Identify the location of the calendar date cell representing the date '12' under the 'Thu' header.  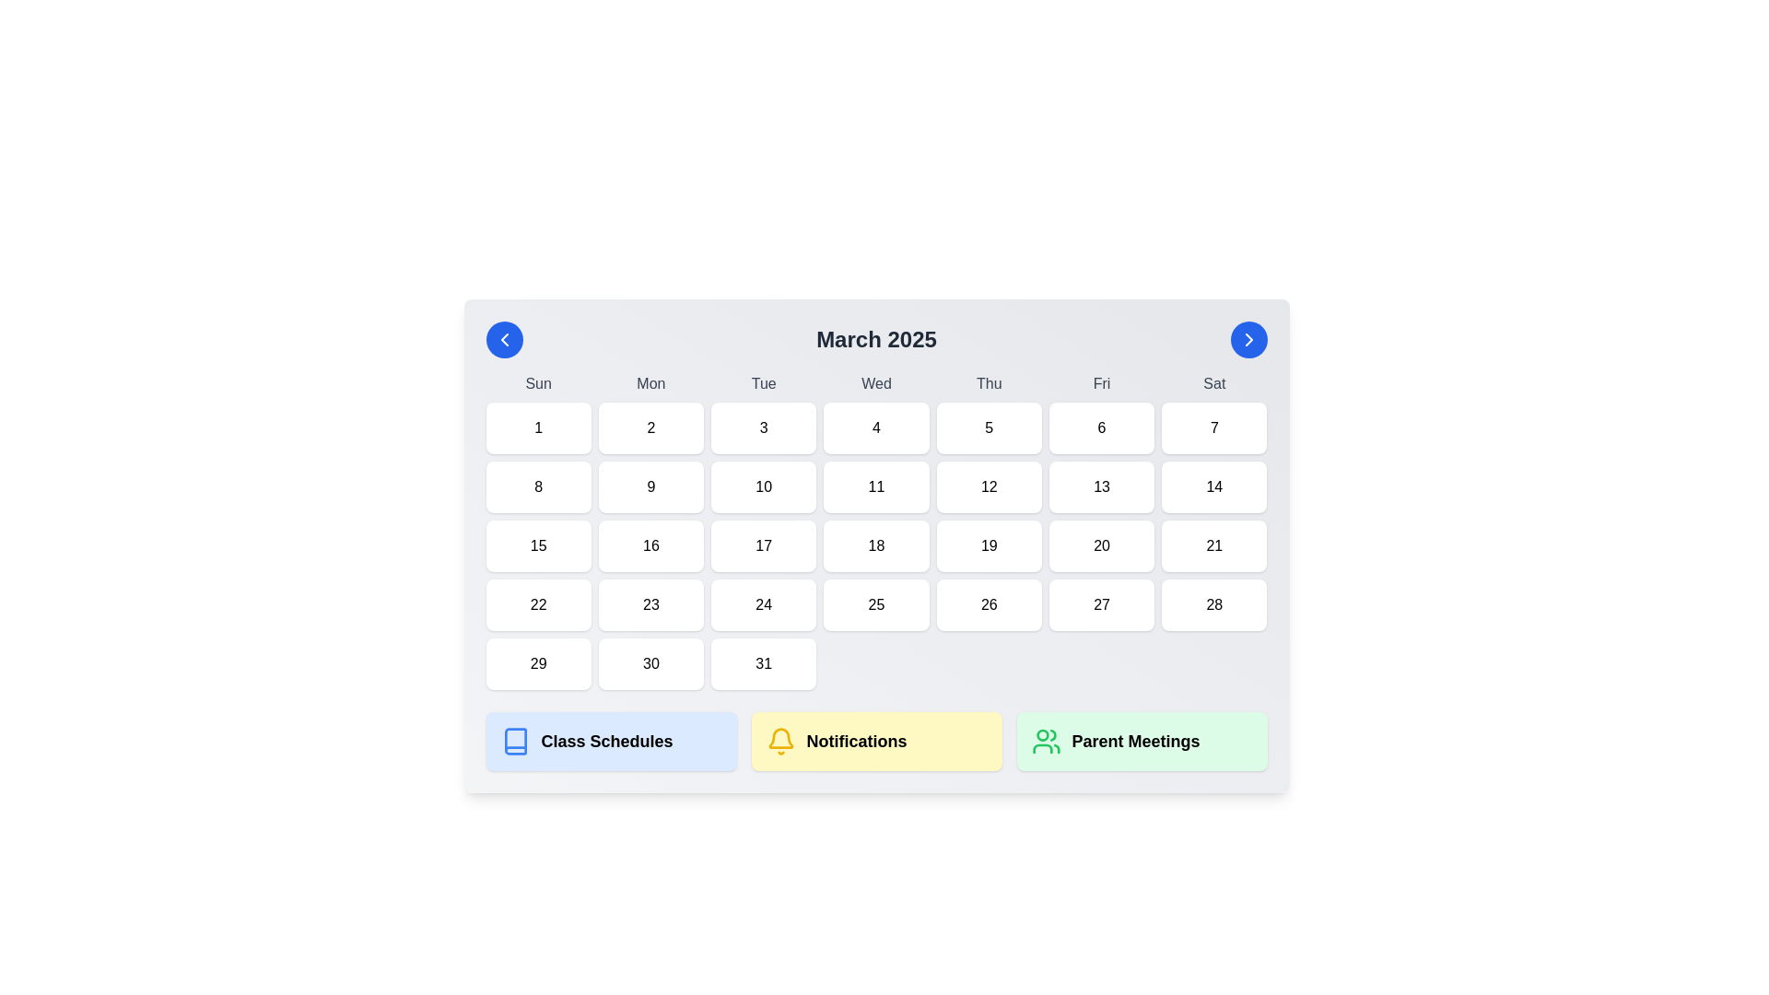
(988, 486).